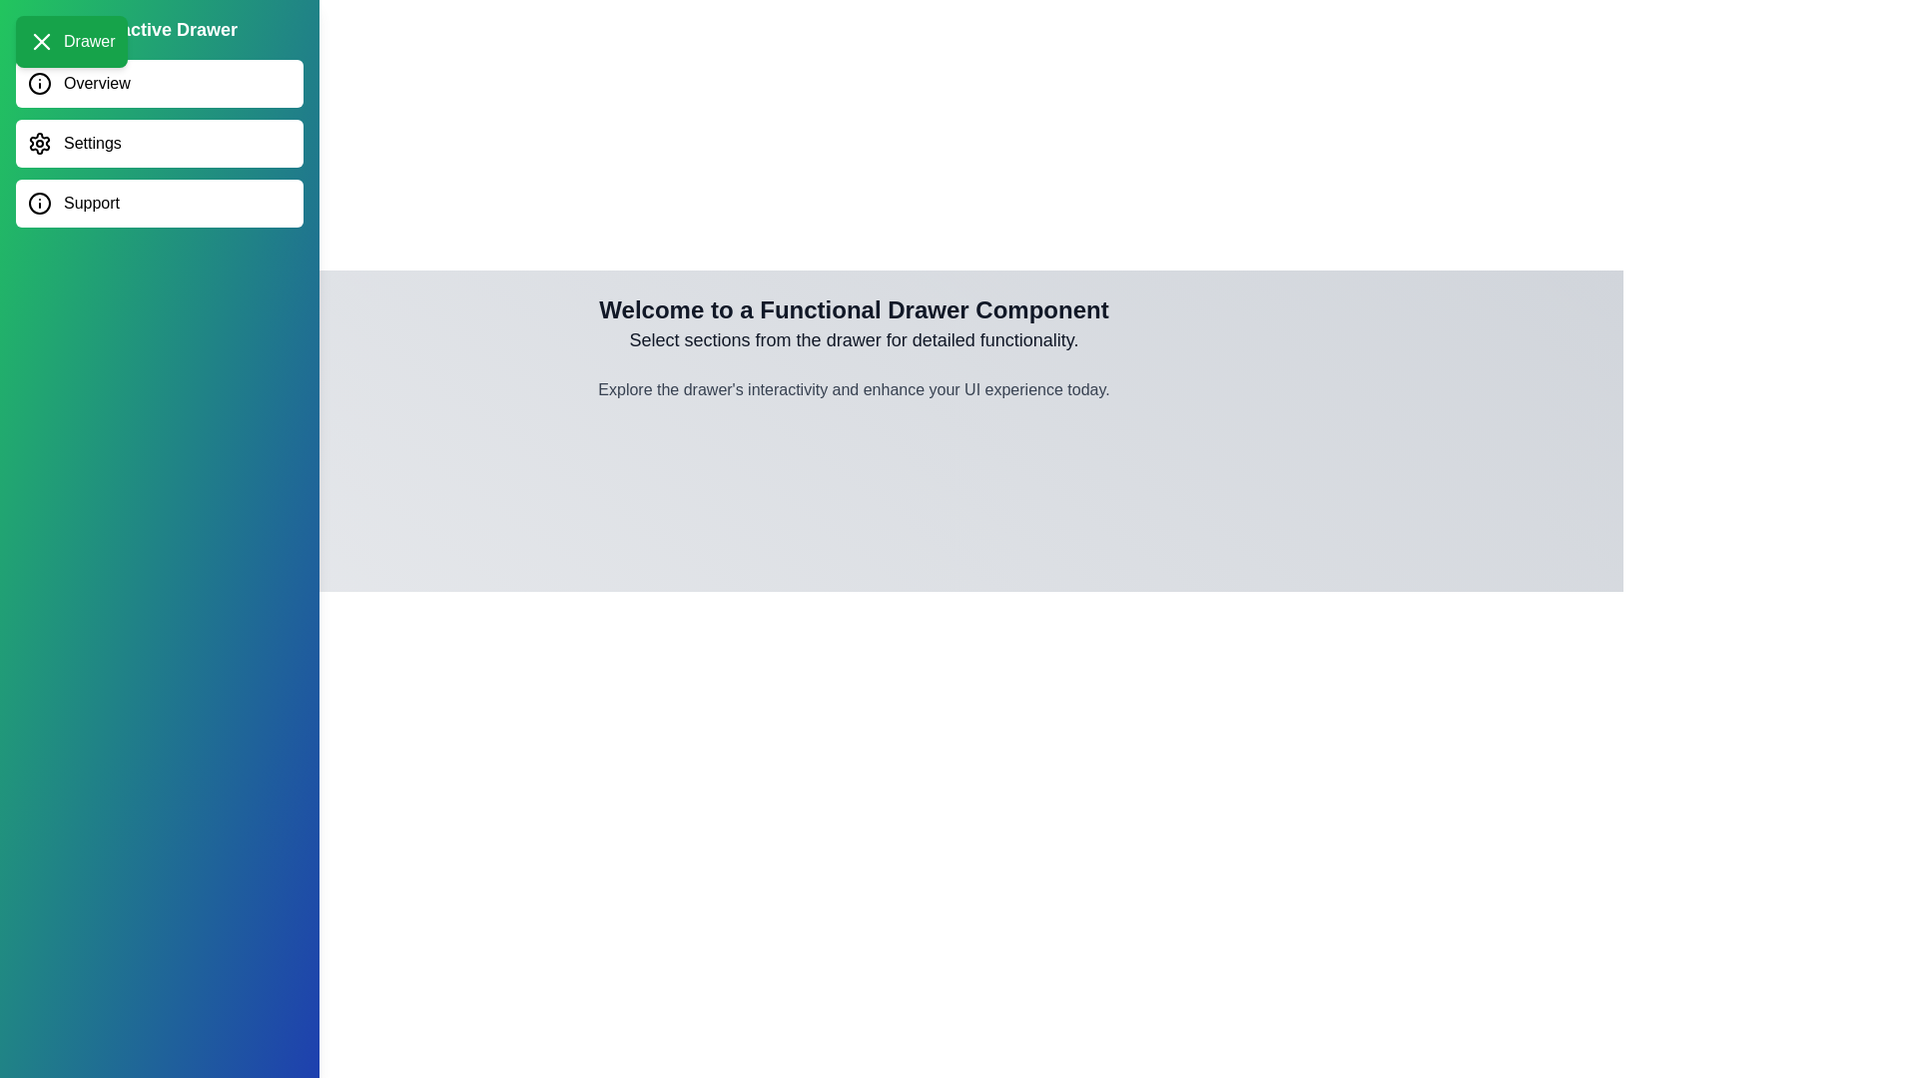 Image resolution: width=1917 pixels, height=1078 pixels. I want to click on the menu item Settings in the drawer, so click(158, 142).